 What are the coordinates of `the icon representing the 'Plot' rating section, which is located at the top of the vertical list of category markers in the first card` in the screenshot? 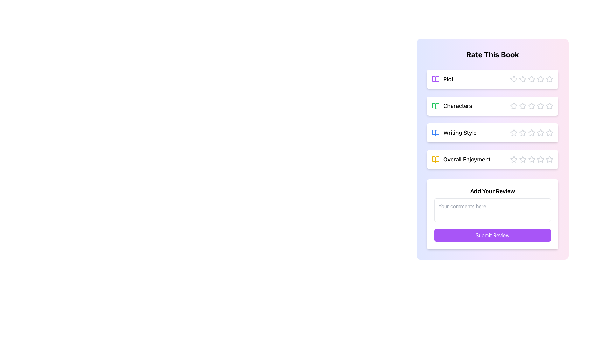 It's located at (435, 79).